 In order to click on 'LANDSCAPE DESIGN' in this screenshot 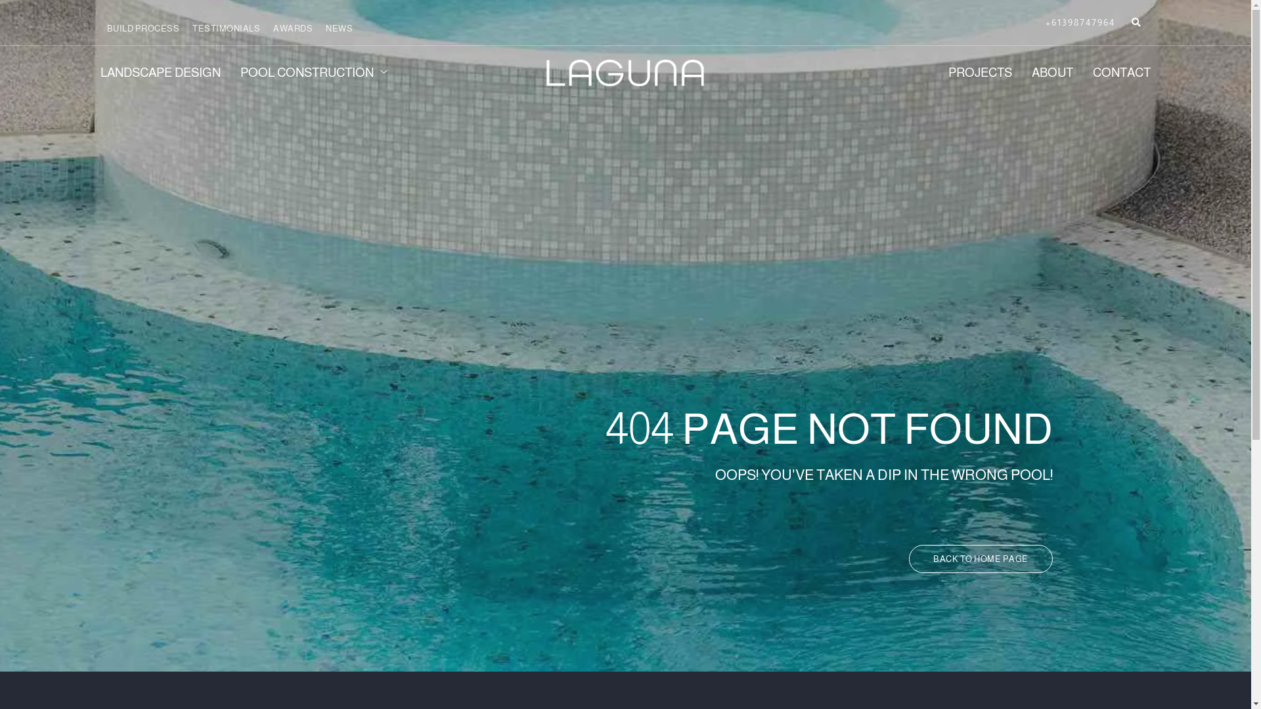, I will do `click(169, 73)`.